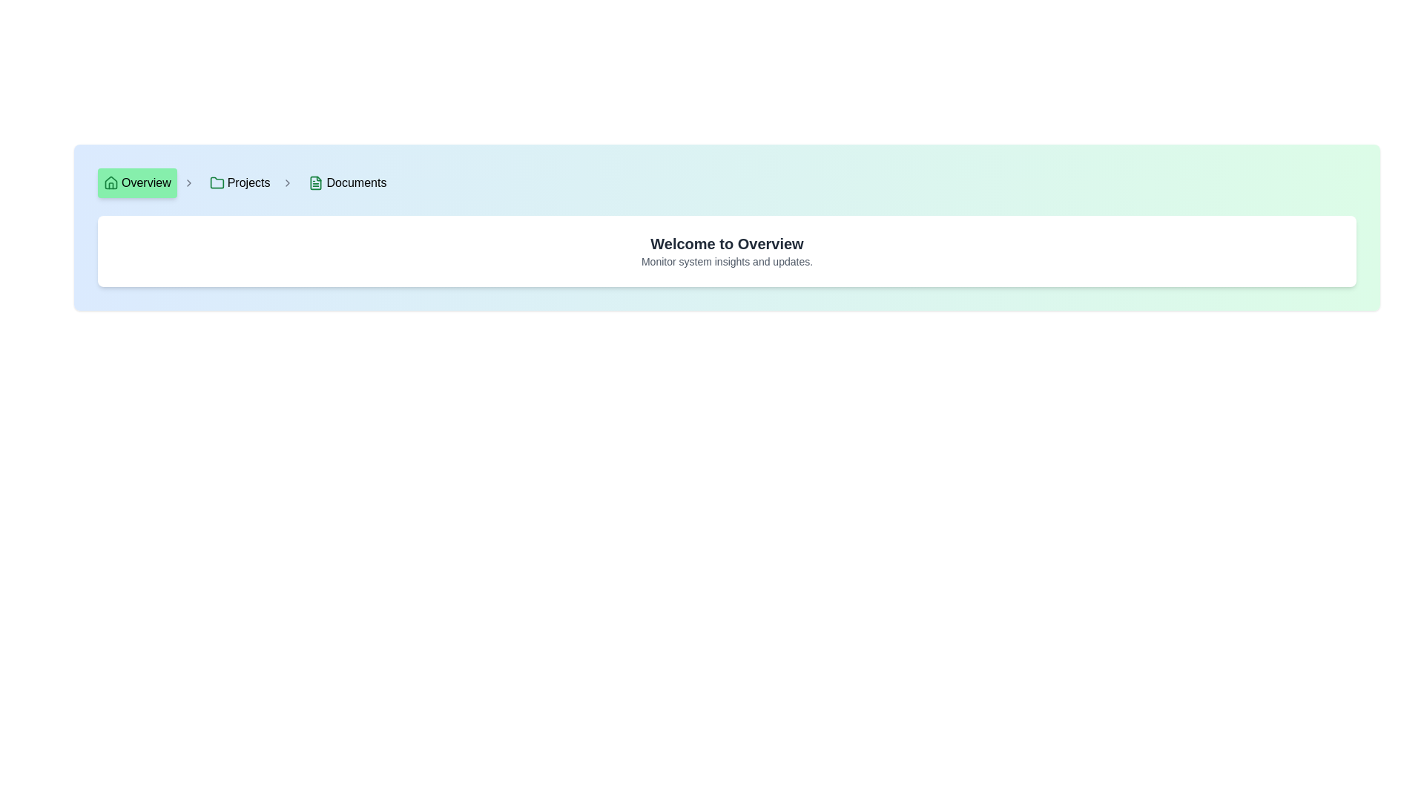 This screenshot has height=801, width=1424. What do you see at coordinates (346, 182) in the screenshot?
I see `the 'Documents' button` at bounding box center [346, 182].